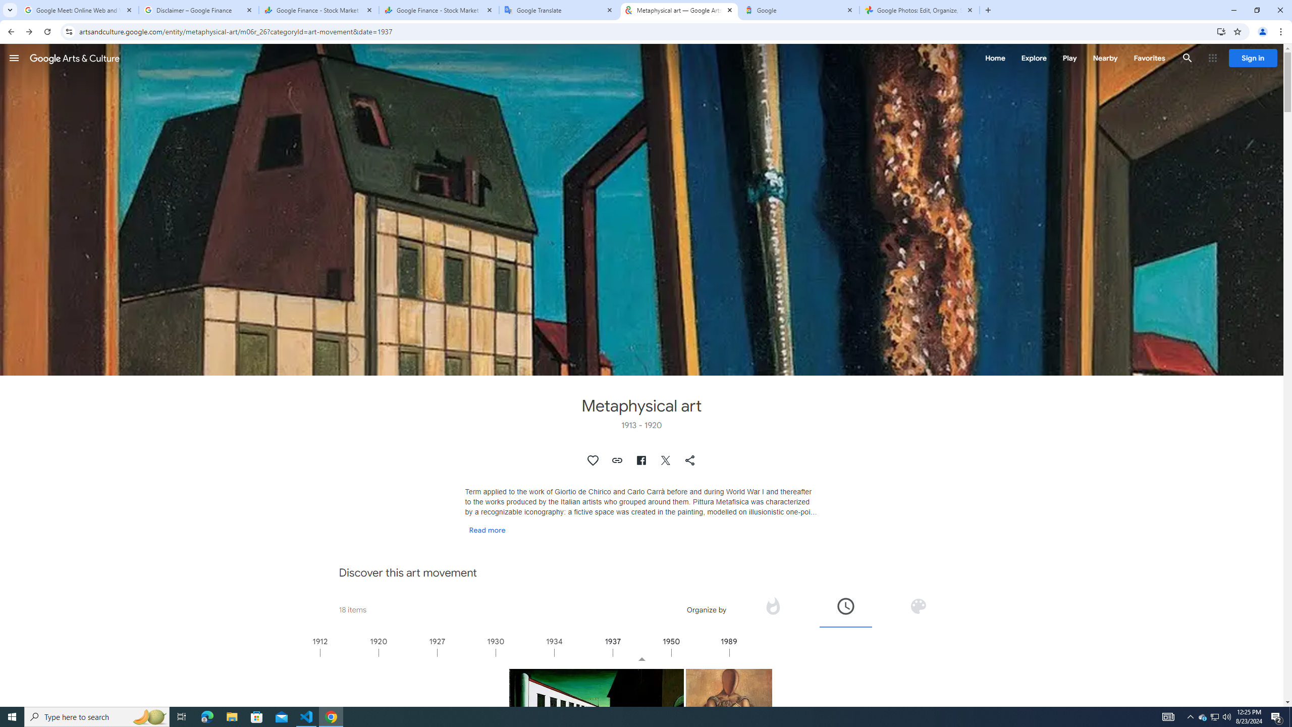  What do you see at coordinates (617, 460) in the screenshot?
I see `'Copy Link'` at bounding box center [617, 460].